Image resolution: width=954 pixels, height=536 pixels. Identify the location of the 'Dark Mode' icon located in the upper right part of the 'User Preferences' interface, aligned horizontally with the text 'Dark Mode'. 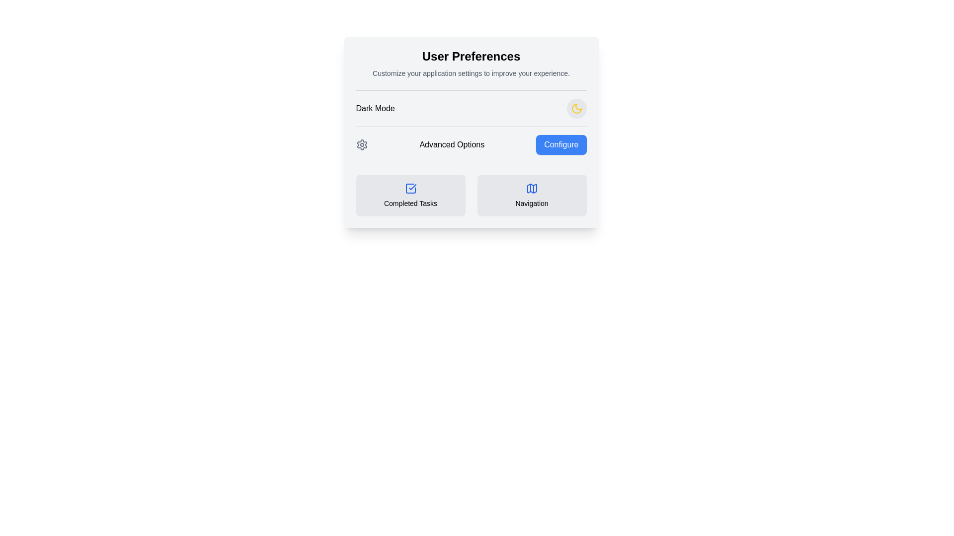
(576, 109).